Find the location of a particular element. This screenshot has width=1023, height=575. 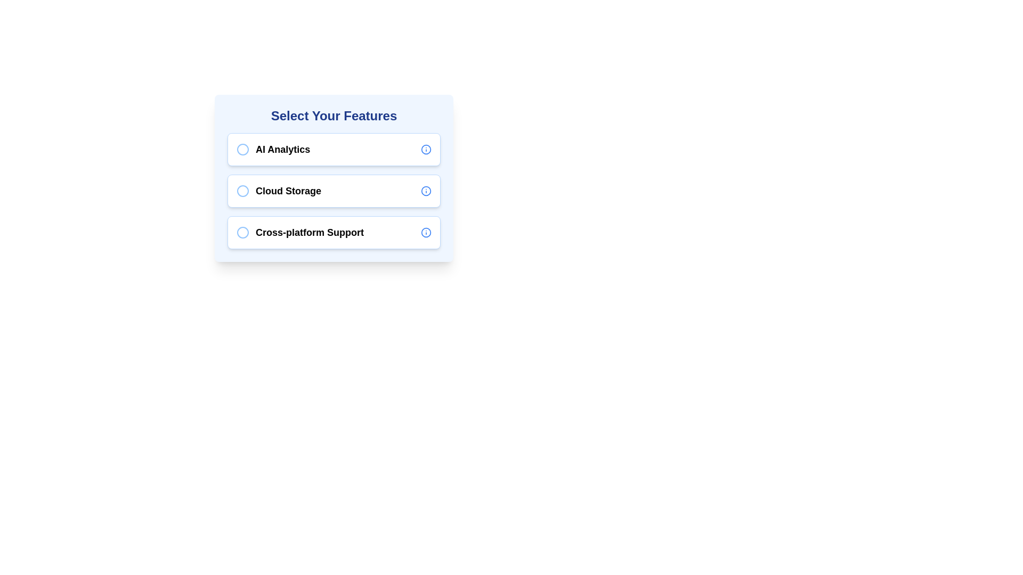

the selectable row item labeled 'Cloud Storage' is located at coordinates (334, 190).